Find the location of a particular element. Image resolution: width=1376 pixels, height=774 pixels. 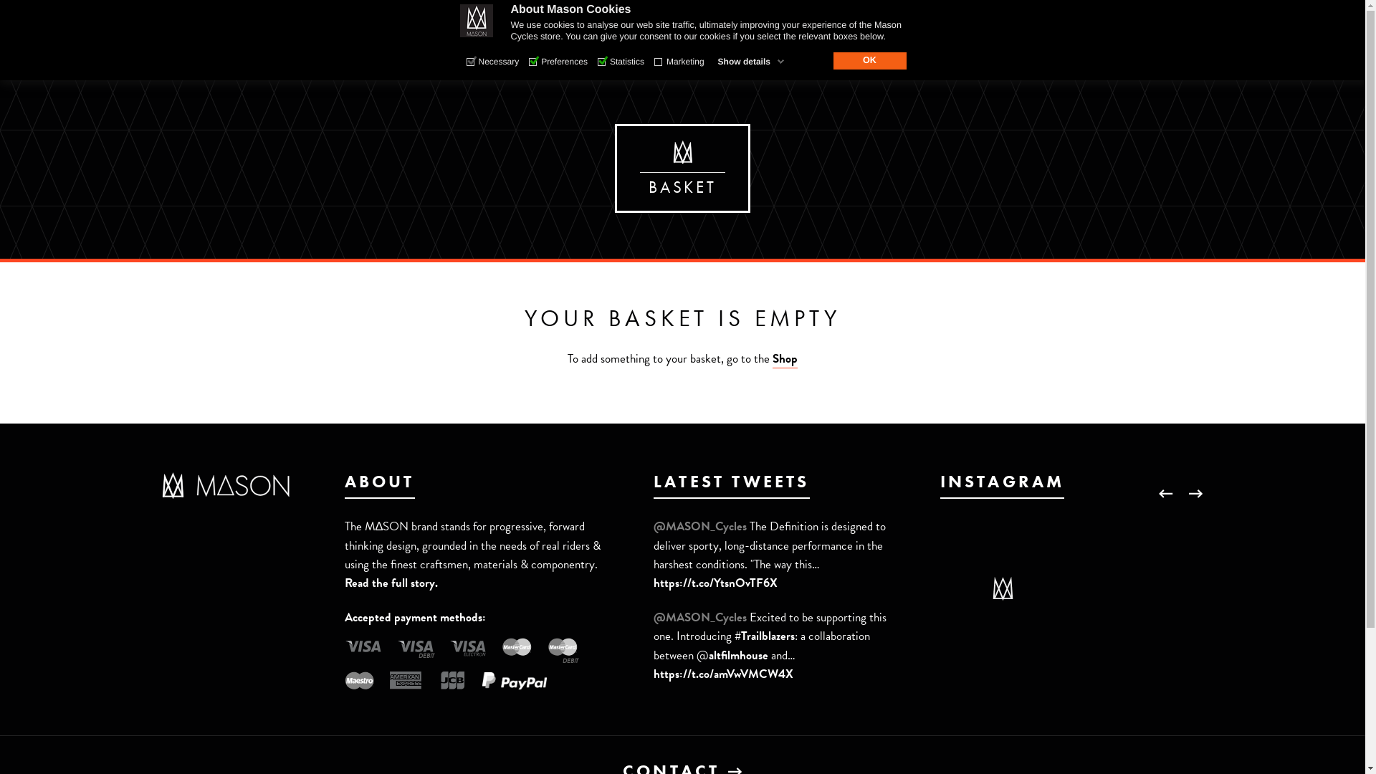

'LOGIN' is located at coordinates (1099, 14).